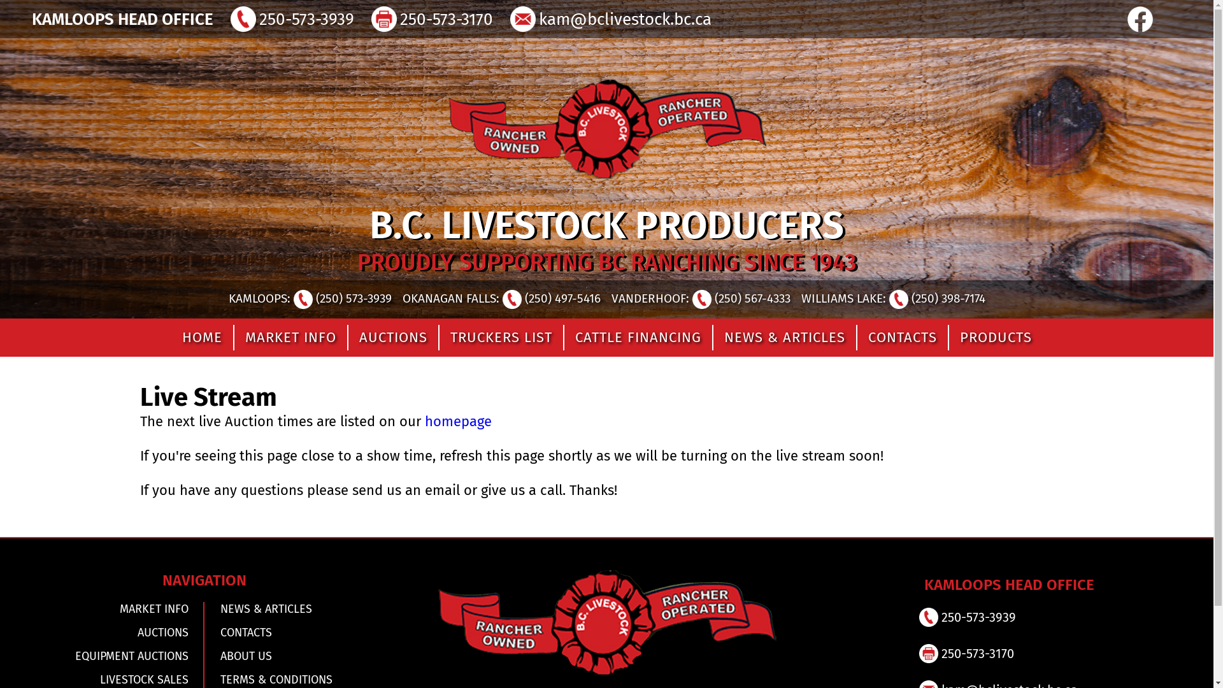 The width and height of the screenshot is (1223, 688). Describe the element at coordinates (298, 632) in the screenshot. I see `'CONTACTS'` at that location.